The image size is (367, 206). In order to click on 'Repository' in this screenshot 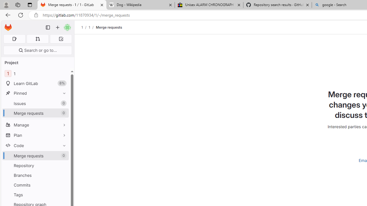, I will do `click(35, 165)`.